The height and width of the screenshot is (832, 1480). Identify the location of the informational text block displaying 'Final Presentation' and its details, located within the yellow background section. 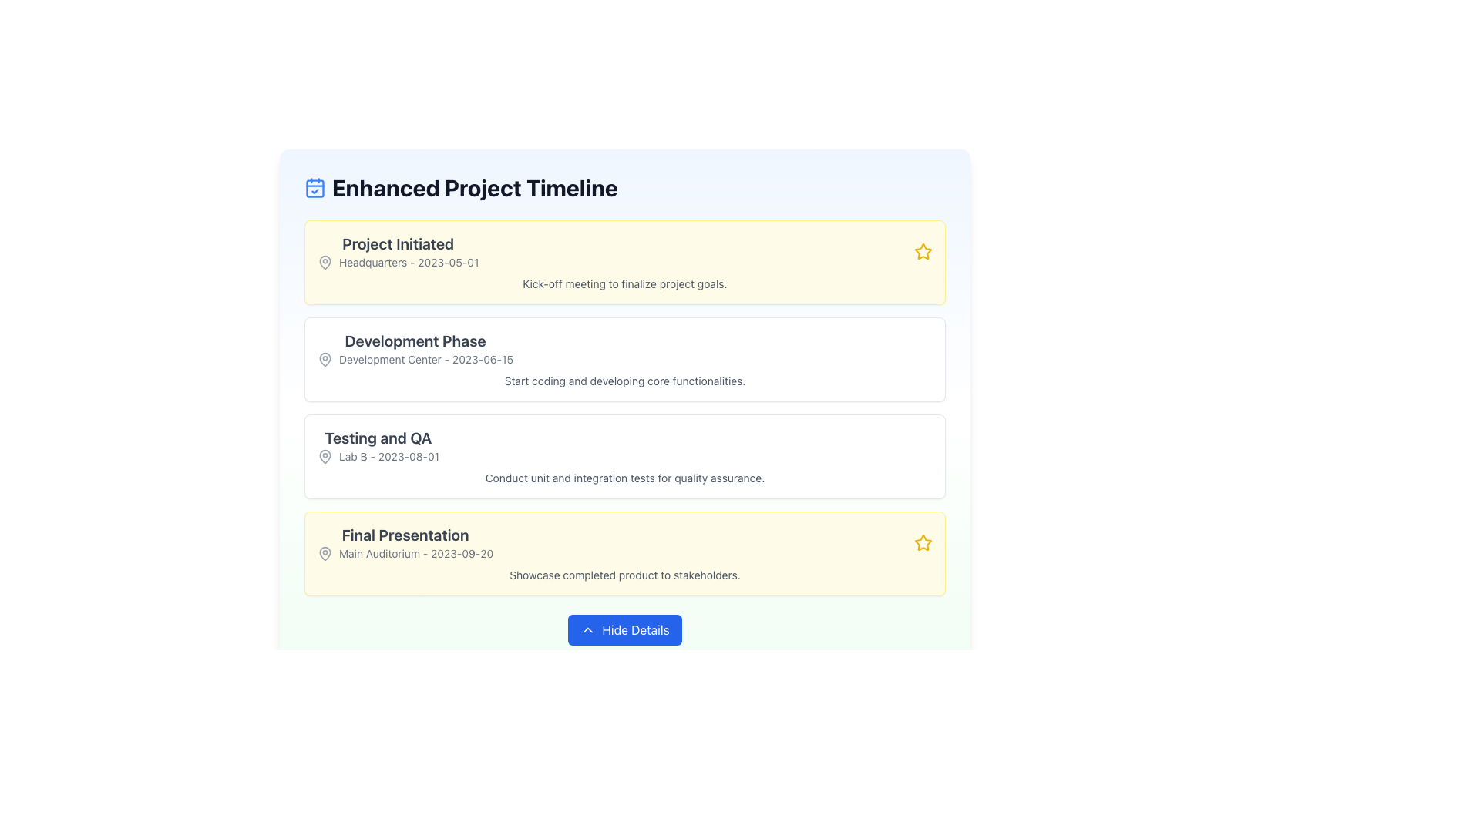
(405, 542).